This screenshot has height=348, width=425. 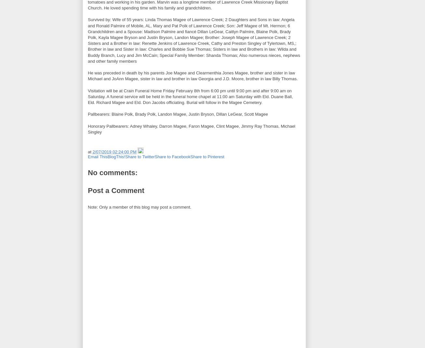 I want to click on '2/07/2019 02:24:00 PM', so click(x=114, y=151).